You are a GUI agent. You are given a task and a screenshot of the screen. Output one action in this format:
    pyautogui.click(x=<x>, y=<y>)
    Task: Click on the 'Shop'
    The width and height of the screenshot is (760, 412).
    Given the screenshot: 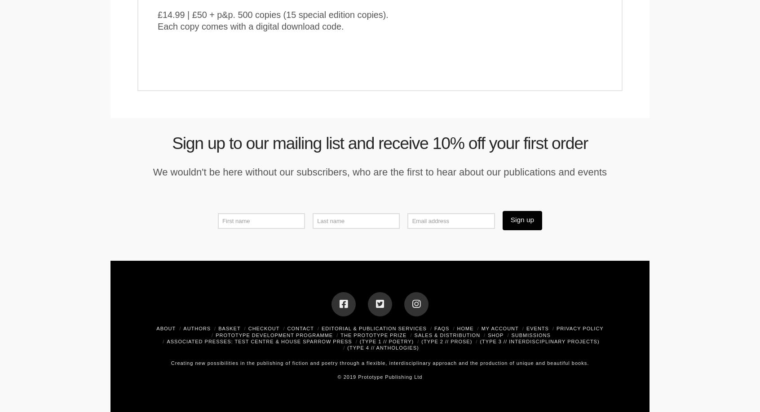 What is the action you would take?
    pyautogui.click(x=487, y=334)
    